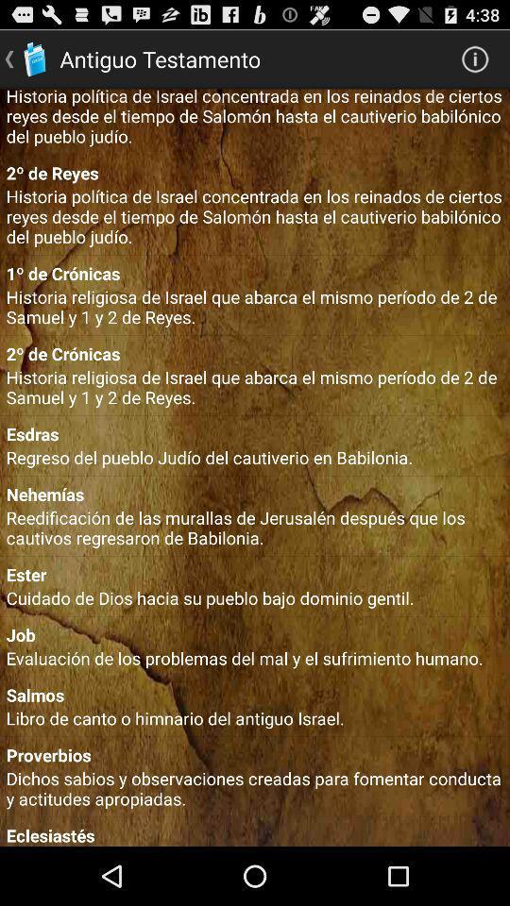  I want to click on the dichos sabios y item, so click(255, 788).